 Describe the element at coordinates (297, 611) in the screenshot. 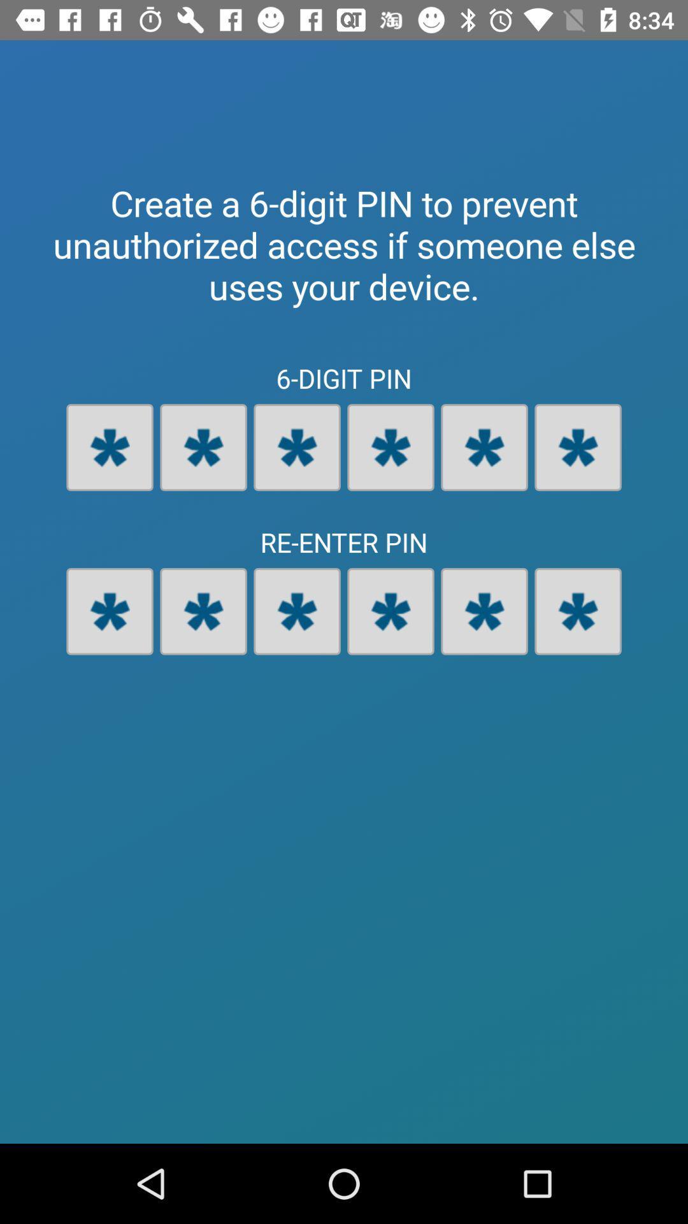

I see `the 3rd star which is below reenter pin on the page` at that location.